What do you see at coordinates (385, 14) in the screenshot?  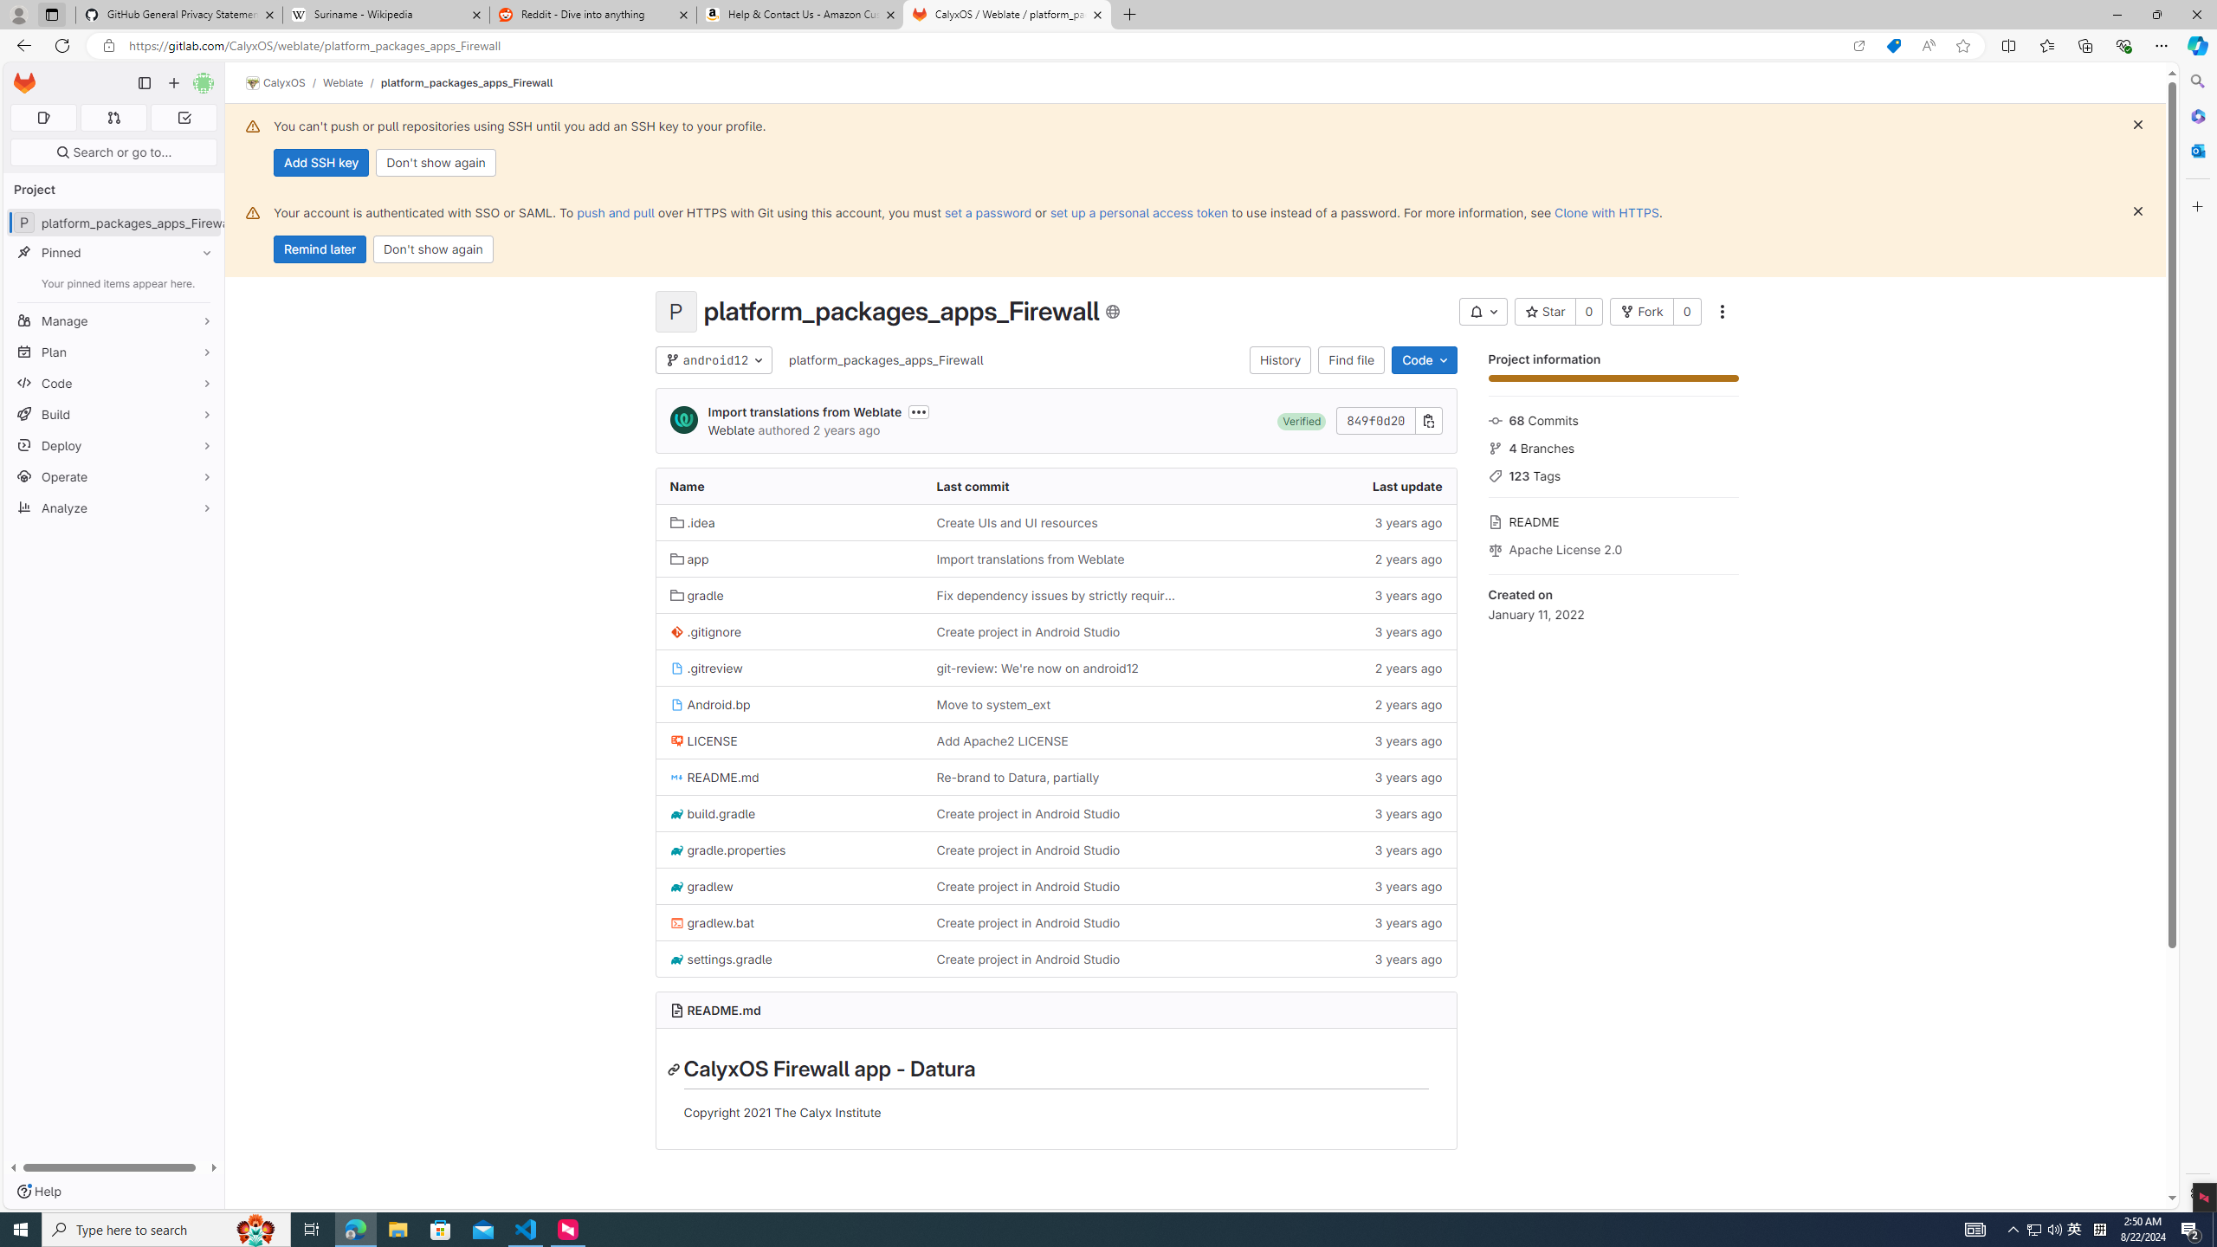 I see `'Suriname - Wikipedia'` at bounding box center [385, 14].